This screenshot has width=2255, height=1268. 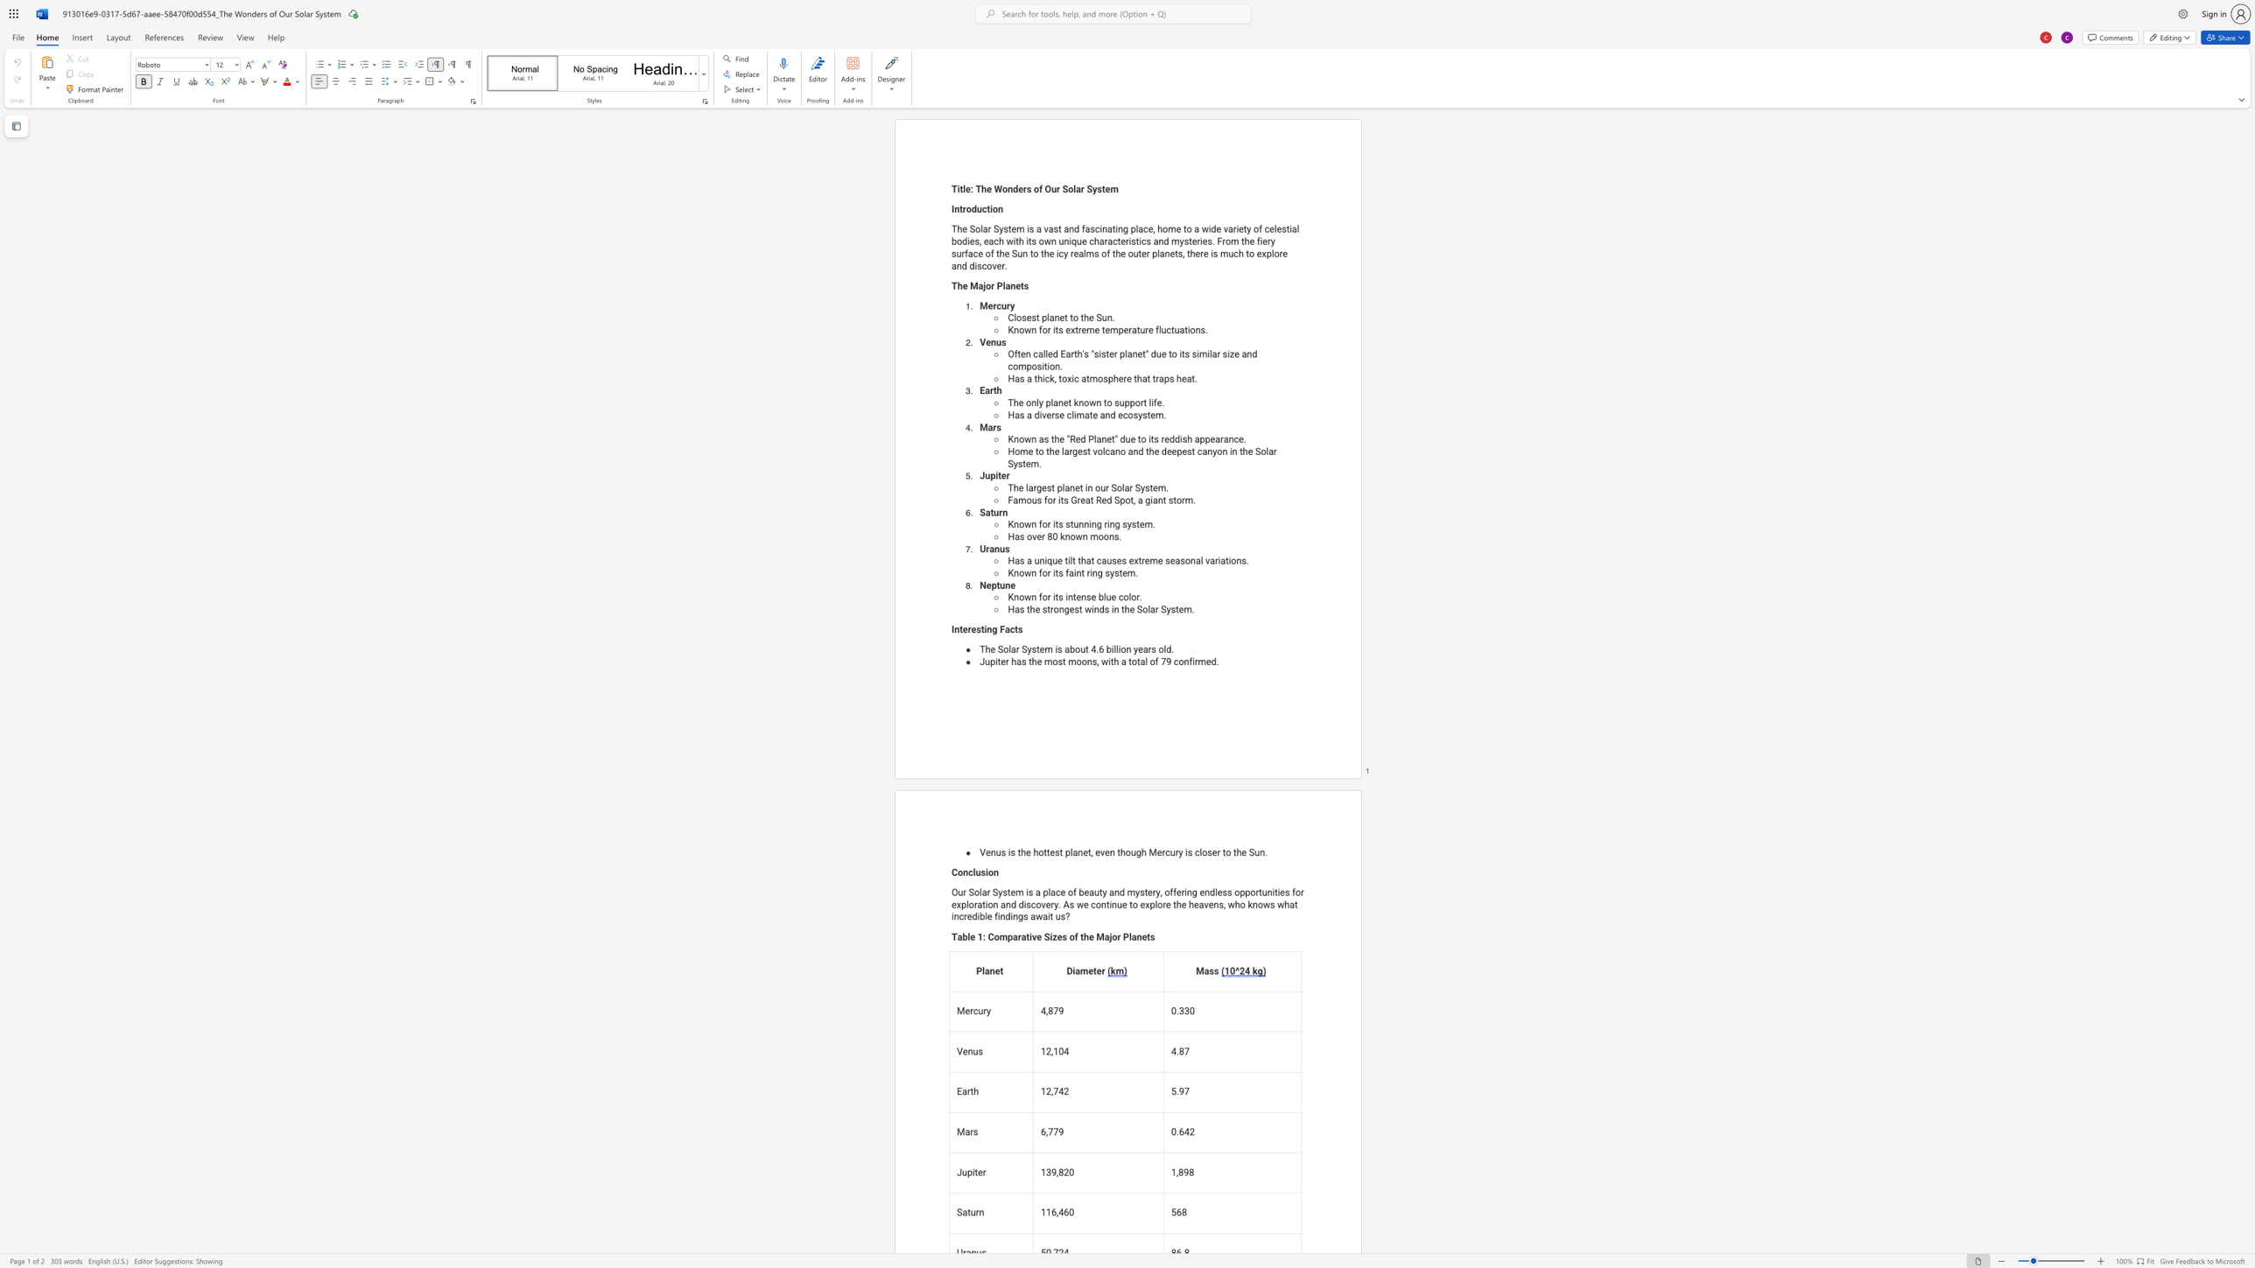 I want to click on the subset text "roduct" within the text "Introduction", so click(x=962, y=208).